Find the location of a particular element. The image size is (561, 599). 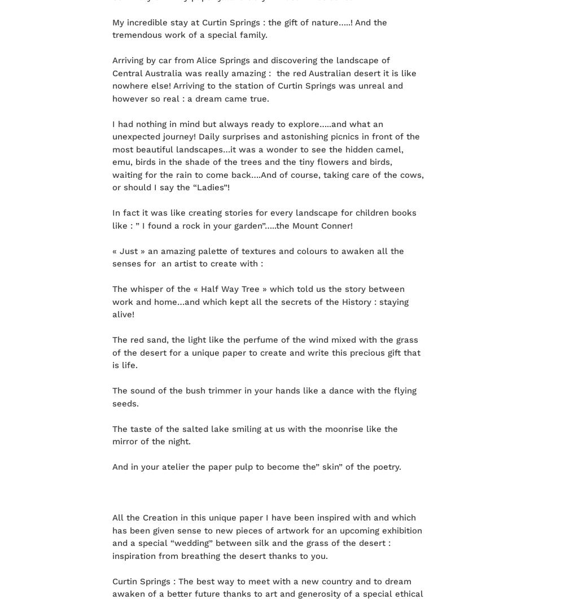

'The taste of the salted lake smiling at us with the moonrise like the mirror of the night.' is located at coordinates (255, 435).